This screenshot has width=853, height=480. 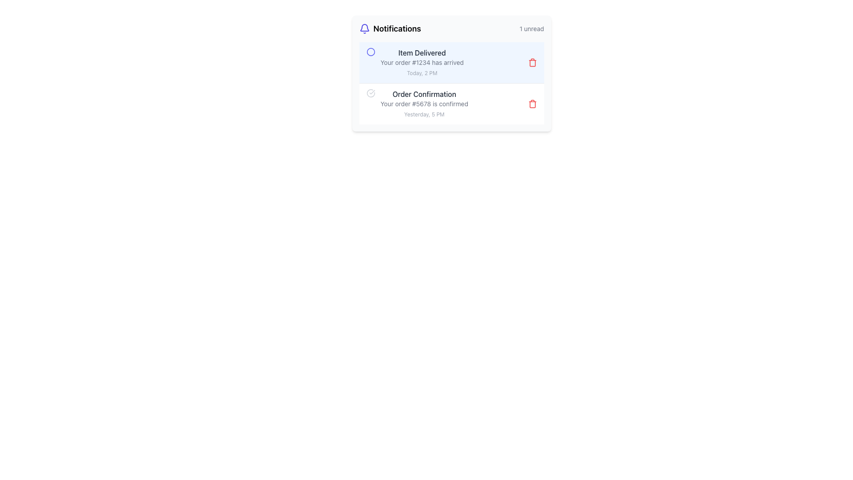 What do you see at coordinates (422, 53) in the screenshot?
I see `text of the notification title labeled 'Item Delivered', which is positioned at the top of the notification list` at bounding box center [422, 53].